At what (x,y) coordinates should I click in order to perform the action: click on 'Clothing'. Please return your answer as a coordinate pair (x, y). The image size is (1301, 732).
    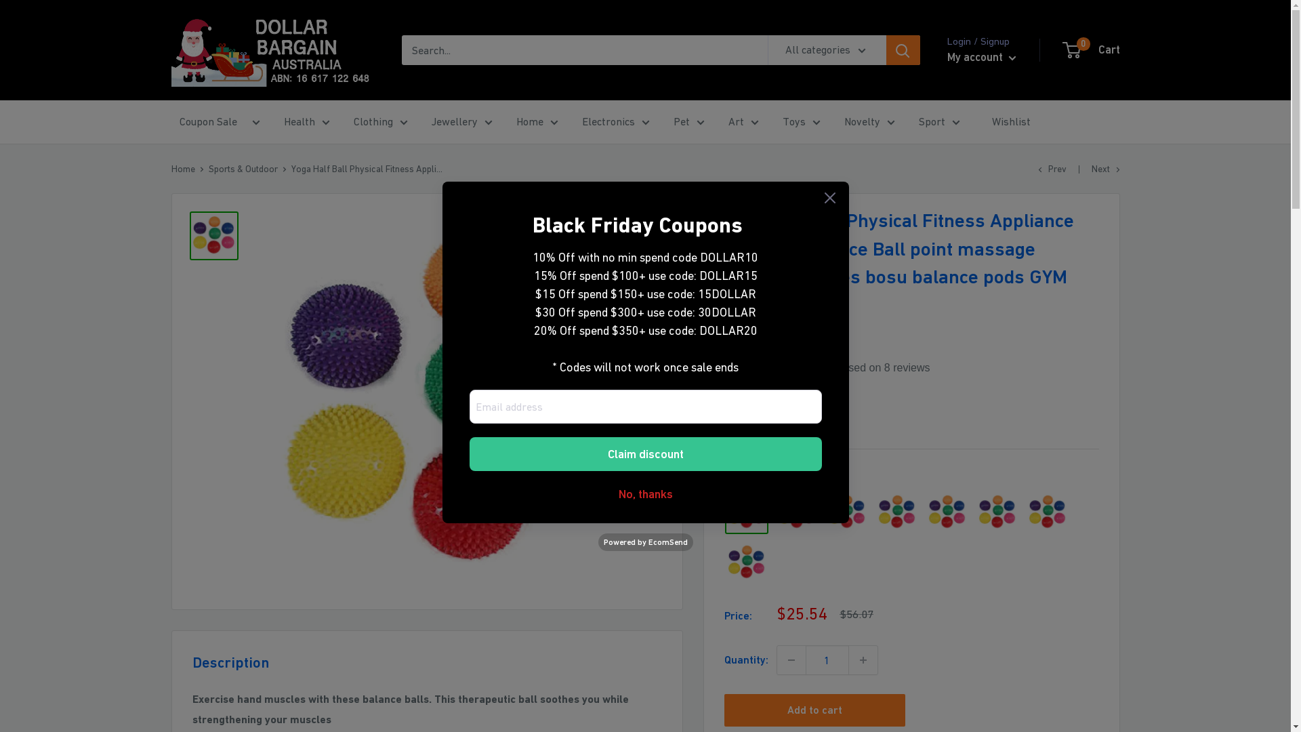
    Looking at the image, I should click on (379, 122).